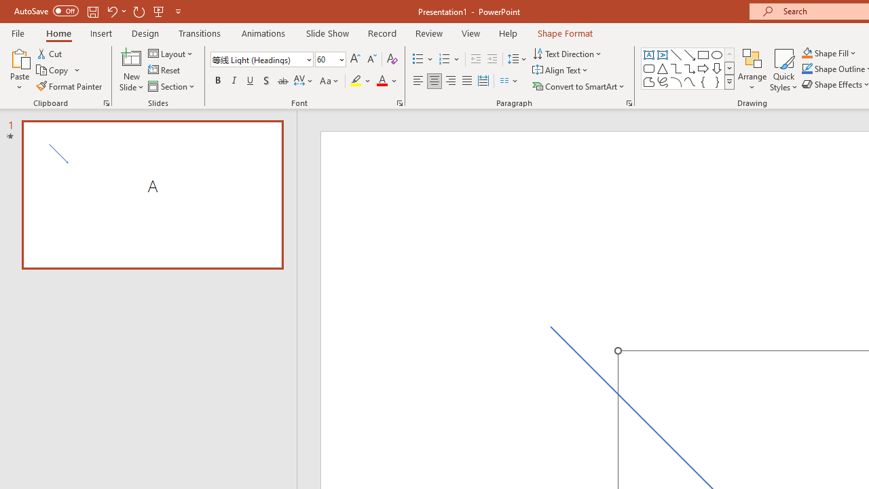  Describe the element at coordinates (807, 69) in the screenshot. I see `'Shape Outline Blue, Accent 1'` at that location.